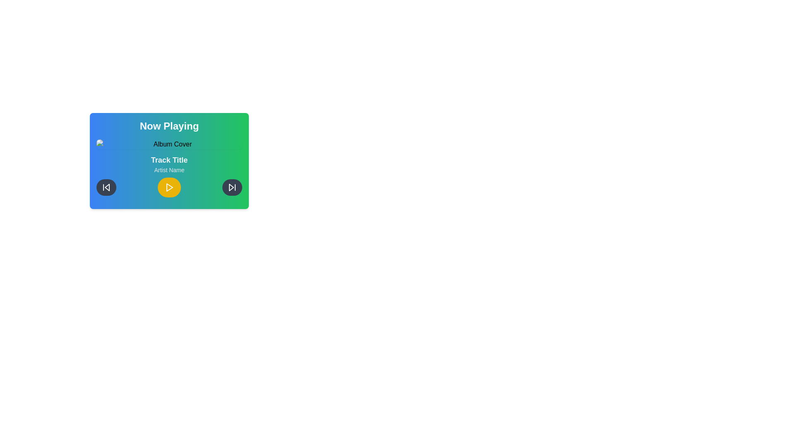  What do you see at coordinates (169, 160) in the screenshot?
I see `the non-interactive text label displaying the title of the currently playing track in the media interface, located in the 'Now Playing' section` at bounding box center [169, 160].